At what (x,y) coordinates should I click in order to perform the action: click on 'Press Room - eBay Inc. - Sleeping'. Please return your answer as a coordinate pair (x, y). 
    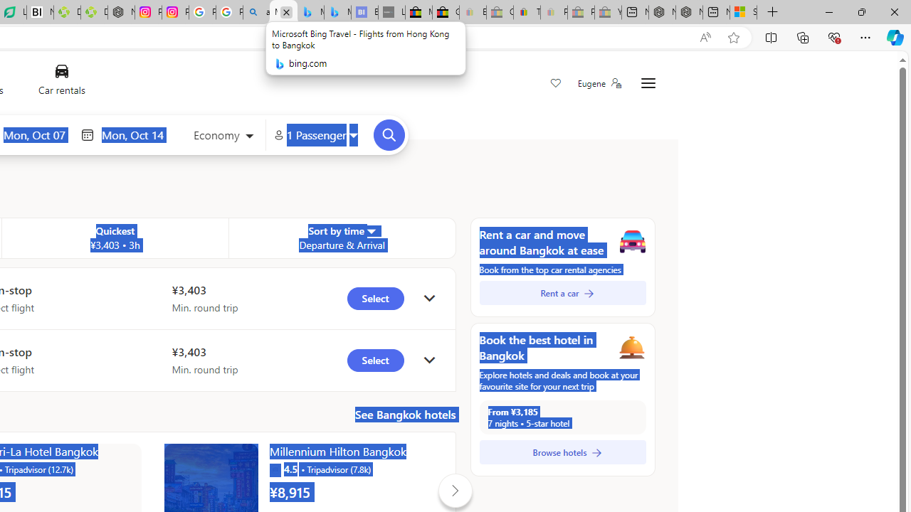
    Looking at the image, I should click on (581, 12).